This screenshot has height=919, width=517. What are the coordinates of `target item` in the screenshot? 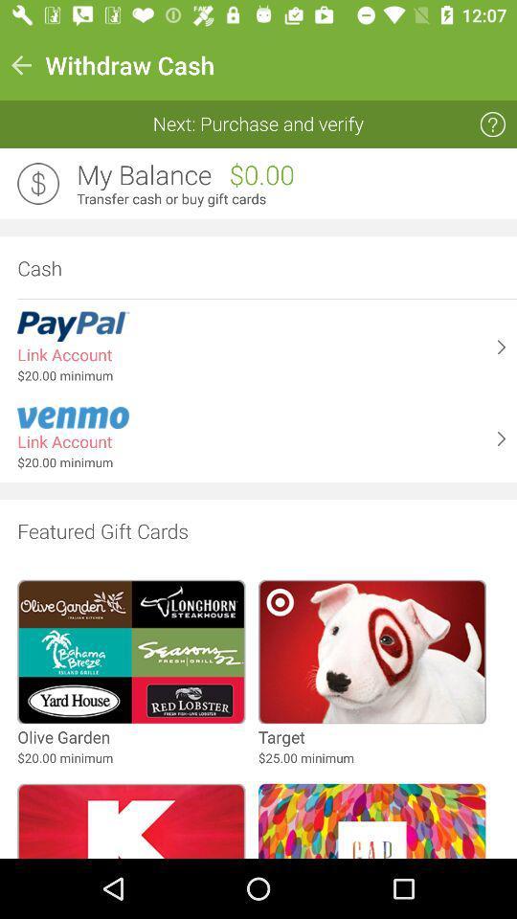 It's located at (281, 736).